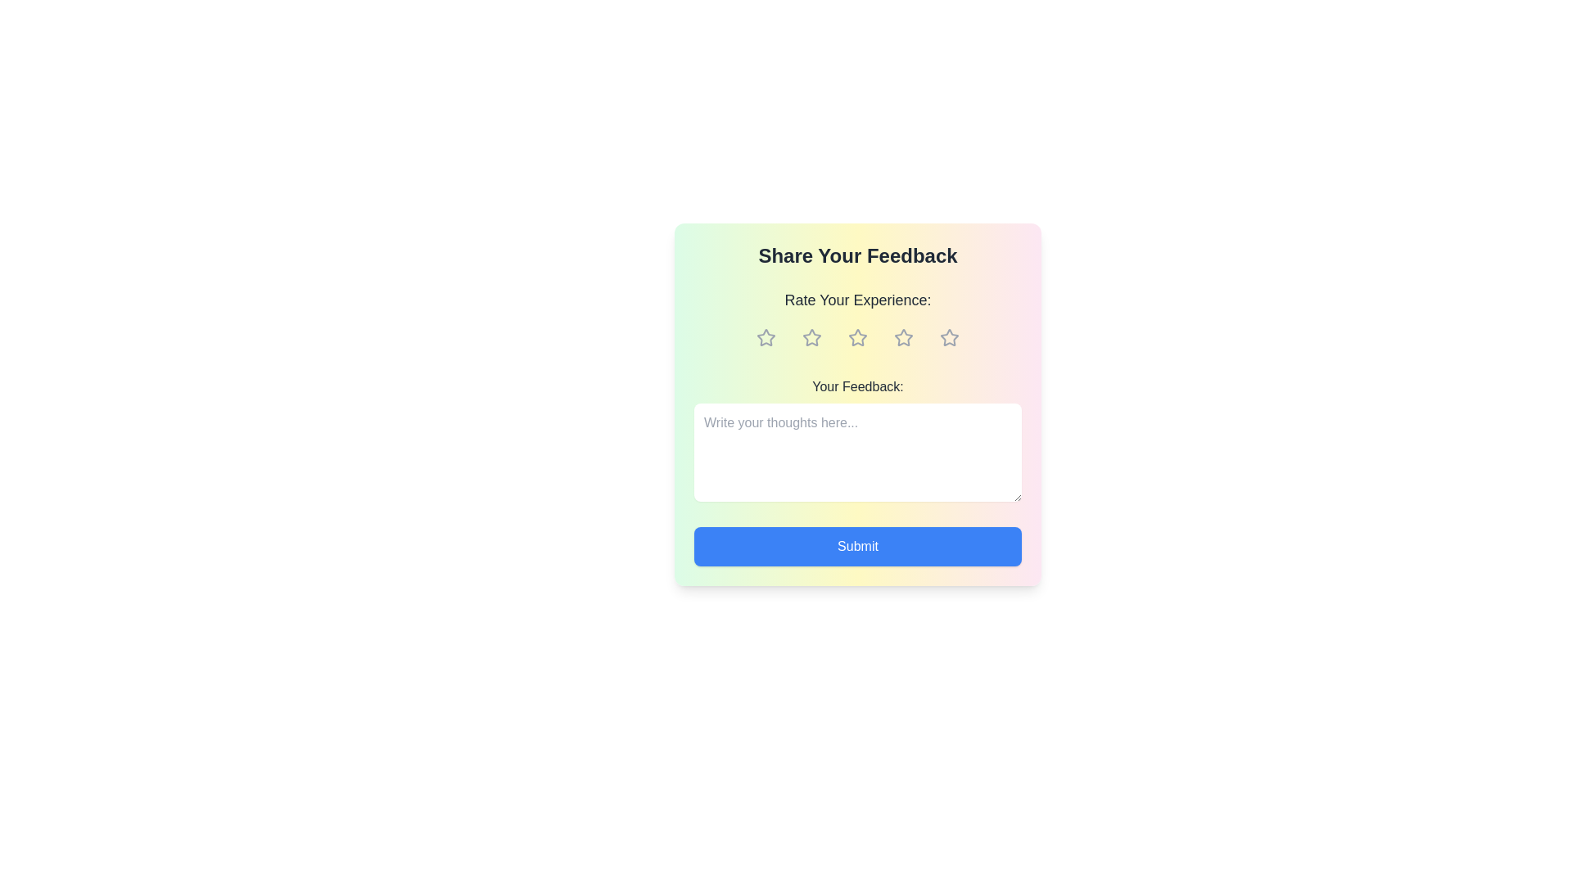 The width and height of the screenshot is (1572, 884). Describe the element at coordinates (903, 336) in the screenshot. I see `the fourth star rating icon to rate your experience in the 'Rate Your Experience' section of the feedback form` at that location.